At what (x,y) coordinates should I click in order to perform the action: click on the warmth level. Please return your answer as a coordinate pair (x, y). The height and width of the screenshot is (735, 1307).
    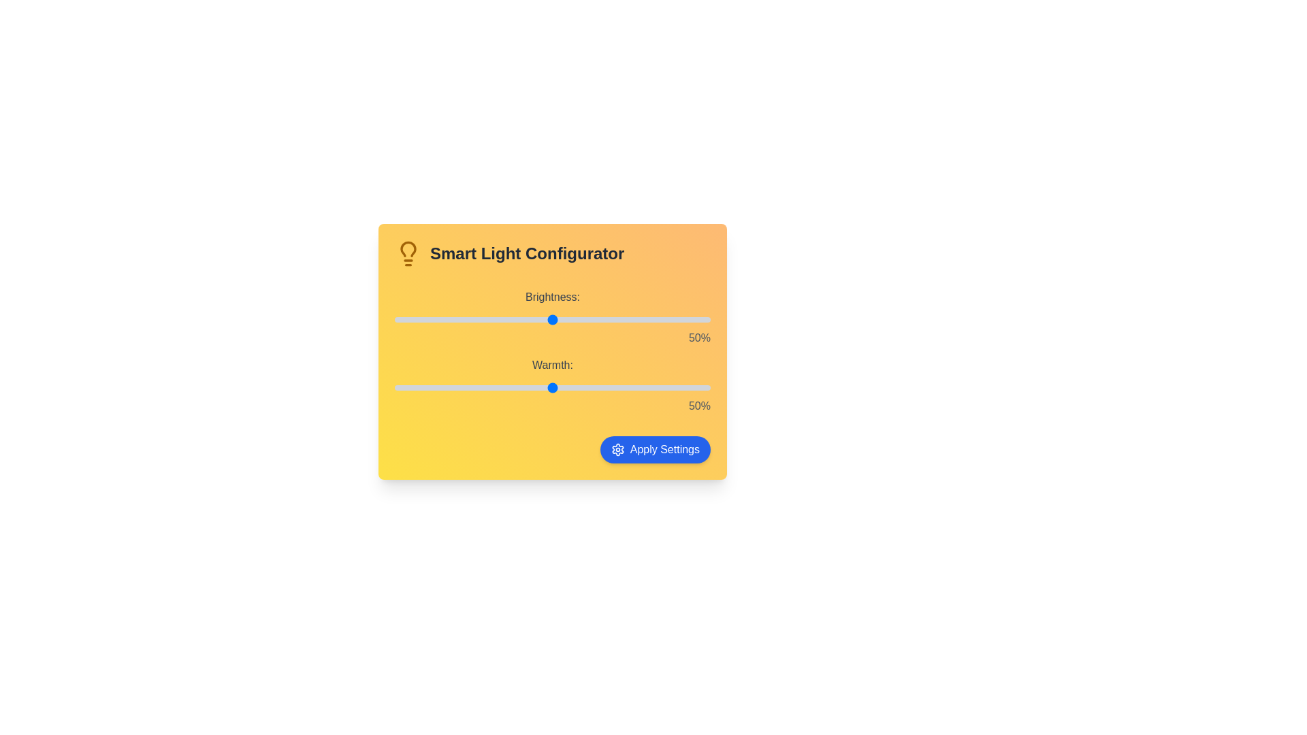
    Looking at the image, I should click on (694, 388).